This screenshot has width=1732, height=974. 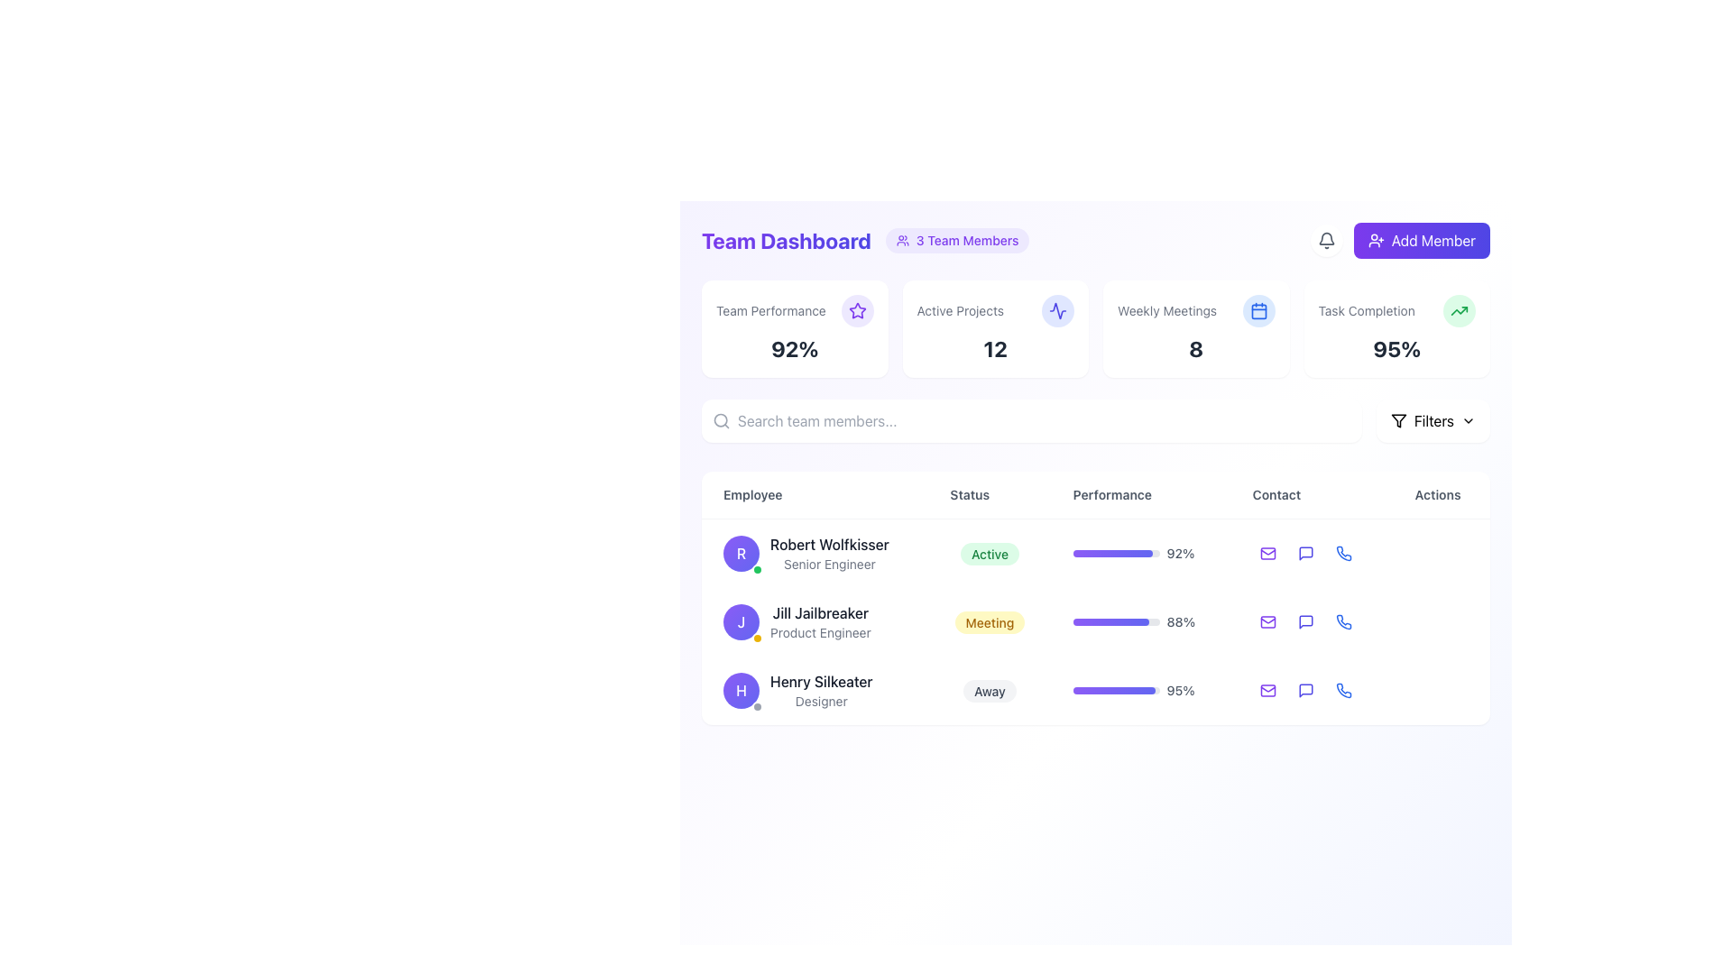 I want to click on the Interactive icon located in the second row under the 'Contact' column in the 'Actions' section to initiate a phone call, so click(x=1343, y=621).